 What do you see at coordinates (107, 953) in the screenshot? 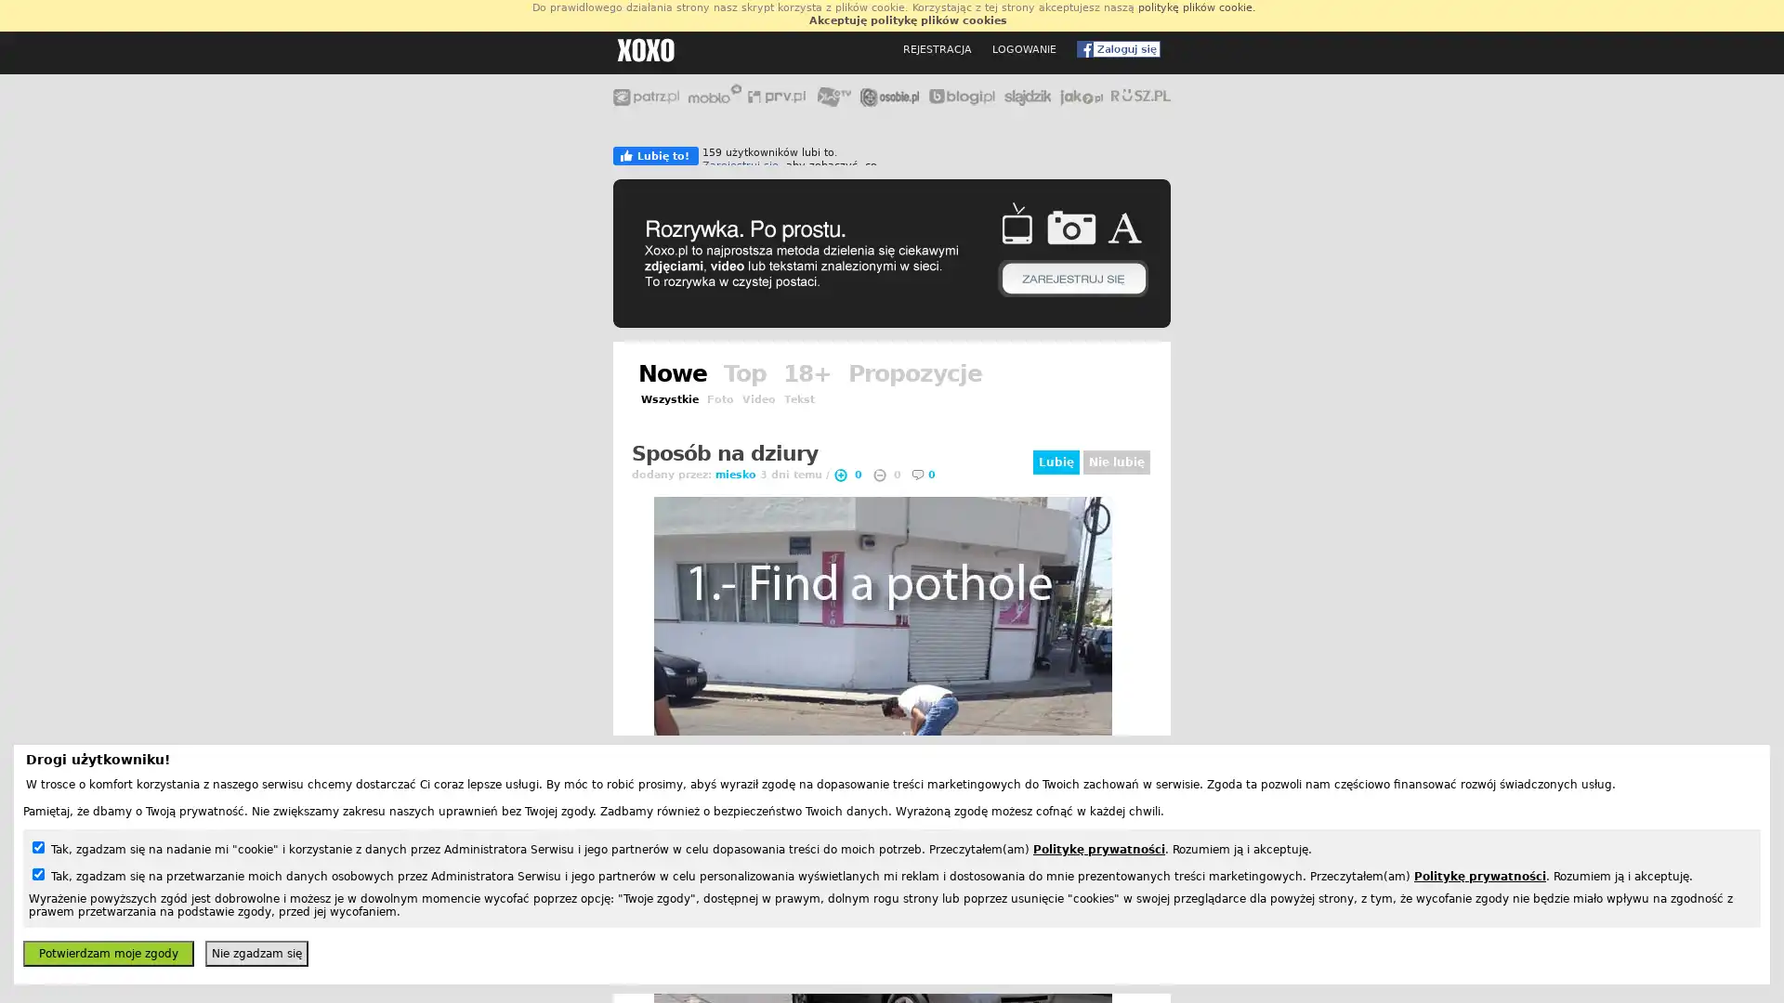
I see `Potwierdzam moje zgody` at bounding box center [107, 953].